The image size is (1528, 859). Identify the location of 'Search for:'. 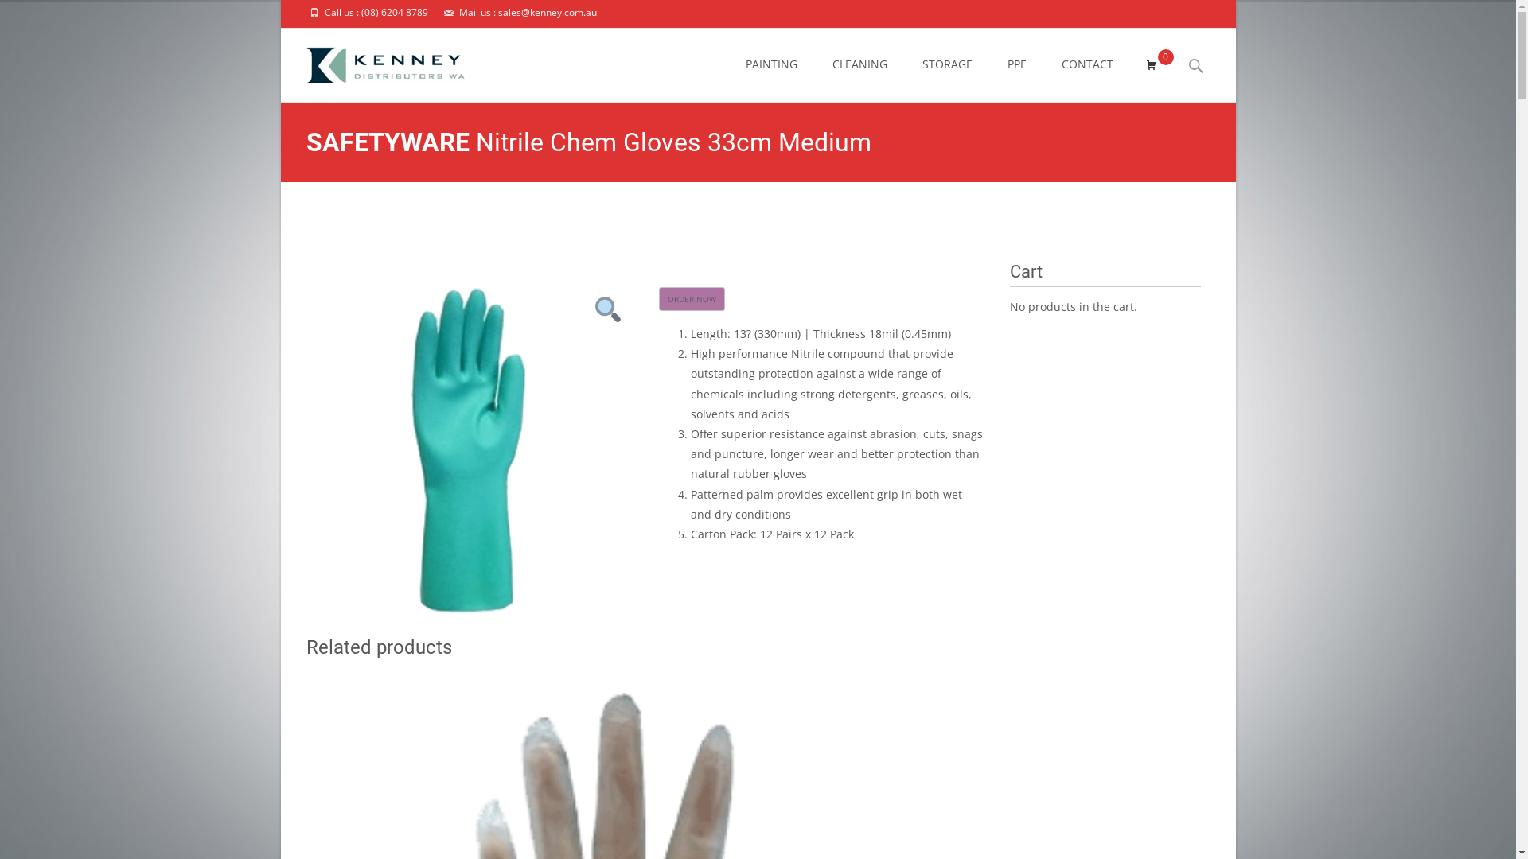
(1195, 65).